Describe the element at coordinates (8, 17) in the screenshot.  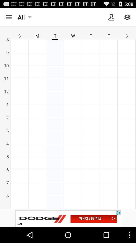
I see `search` at that location.